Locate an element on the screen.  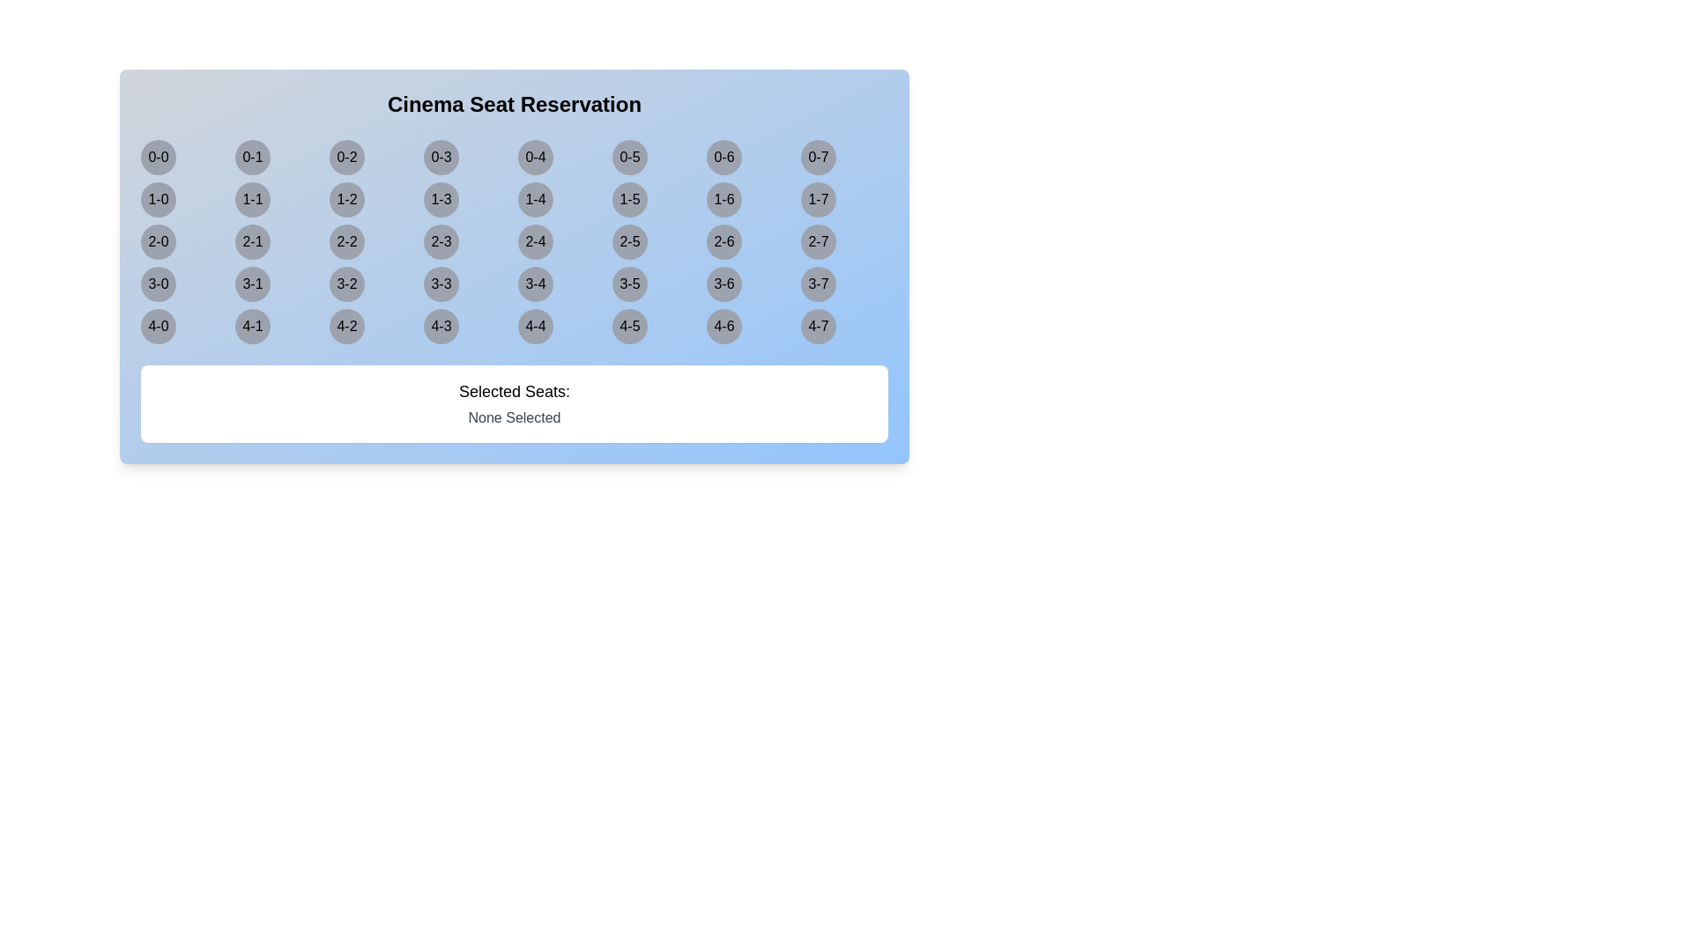
the circular button labeled '0-6' with a gray background is located at coordinates (724, 156).